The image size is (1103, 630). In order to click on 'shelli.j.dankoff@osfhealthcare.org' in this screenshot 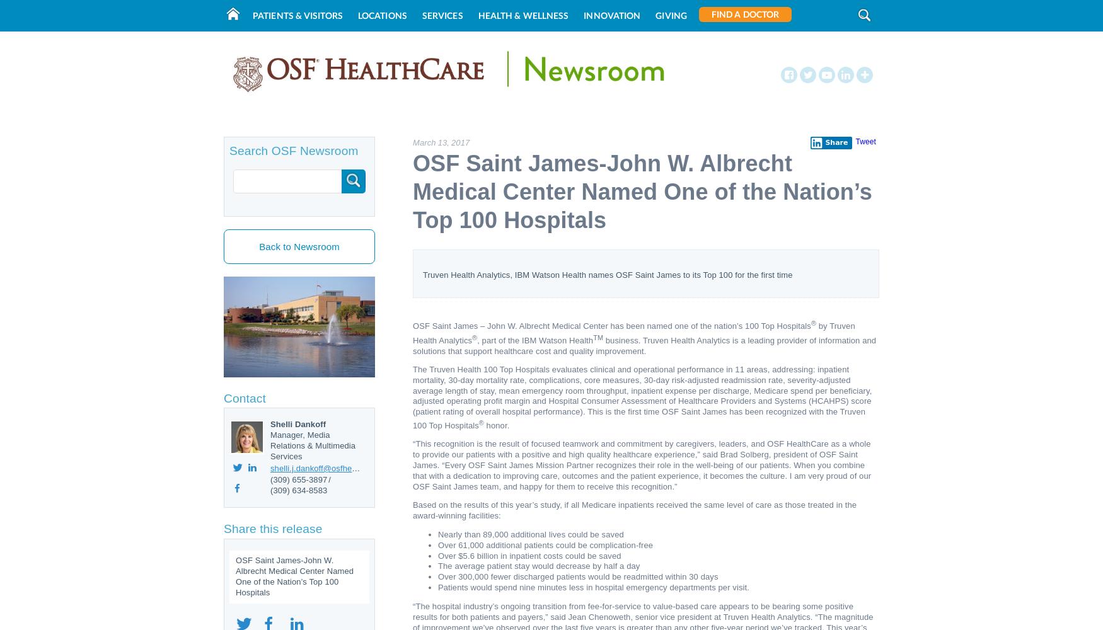, I will do `click(332, 467)`.